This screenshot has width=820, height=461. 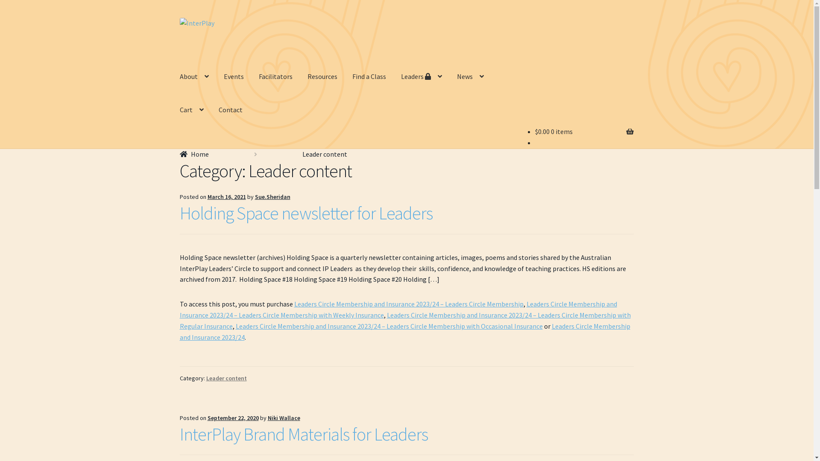 What do you see at coordinates (284, 417) in the screenshot?
I see `'Niki Wallace'` at bounding box center [284, 417].